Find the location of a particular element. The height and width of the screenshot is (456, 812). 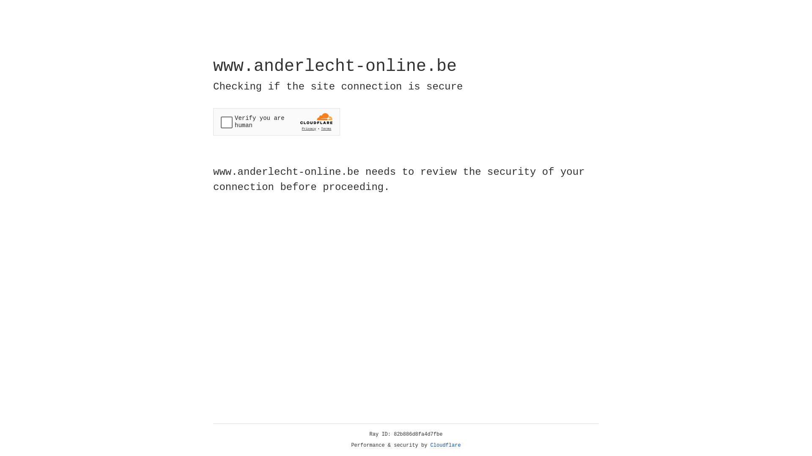

'Widget containing a Cloudflare security challenge' is located at coordinates (276, 122).